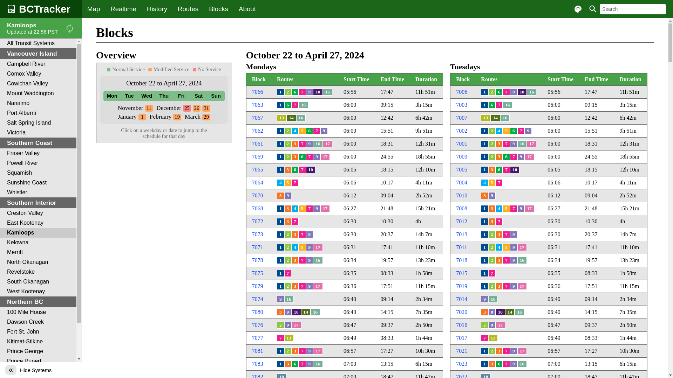  Describe the element at coordinates (280, 286) in the screenshot. I see `'1'` at that location.